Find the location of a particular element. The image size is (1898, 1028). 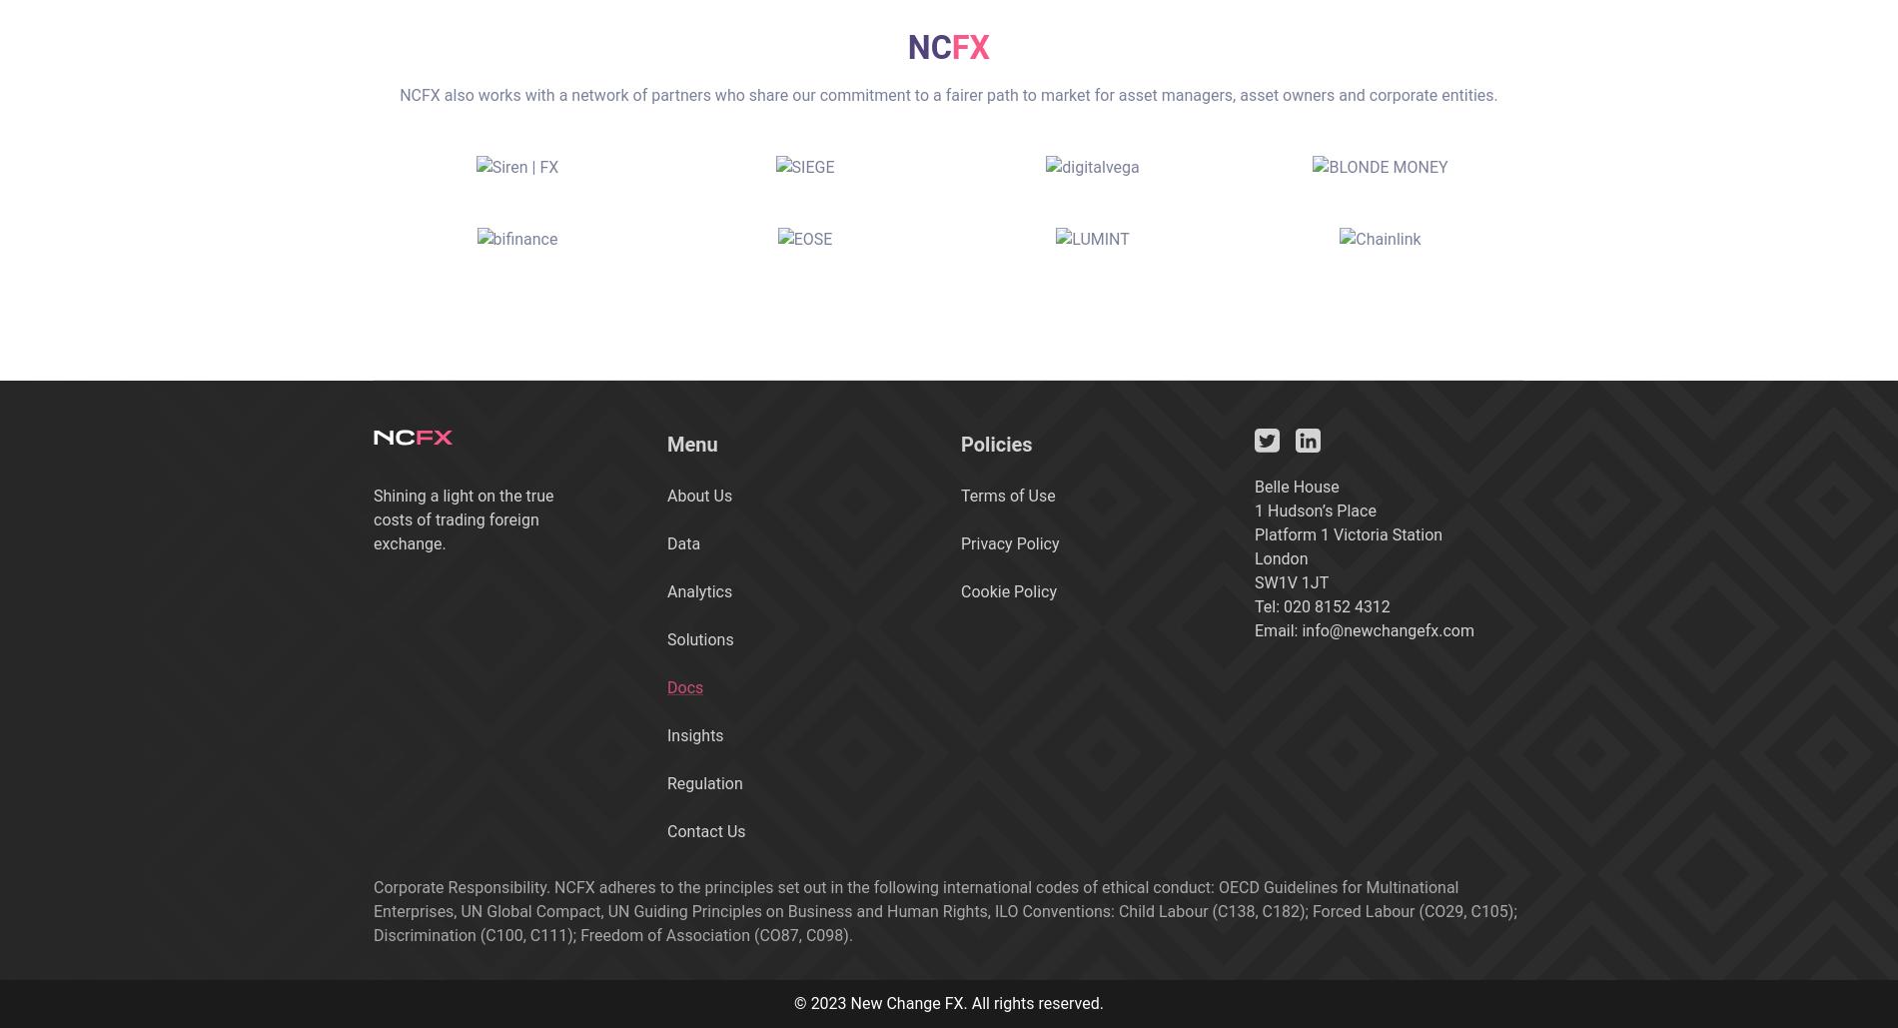

'1 Hudson’s Place' is located at coordinates (1314, 510).